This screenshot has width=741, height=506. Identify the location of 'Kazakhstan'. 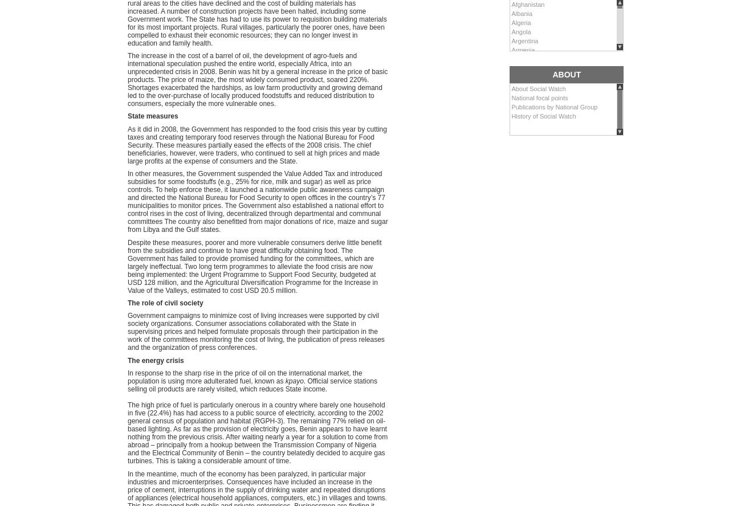
(527, 440).